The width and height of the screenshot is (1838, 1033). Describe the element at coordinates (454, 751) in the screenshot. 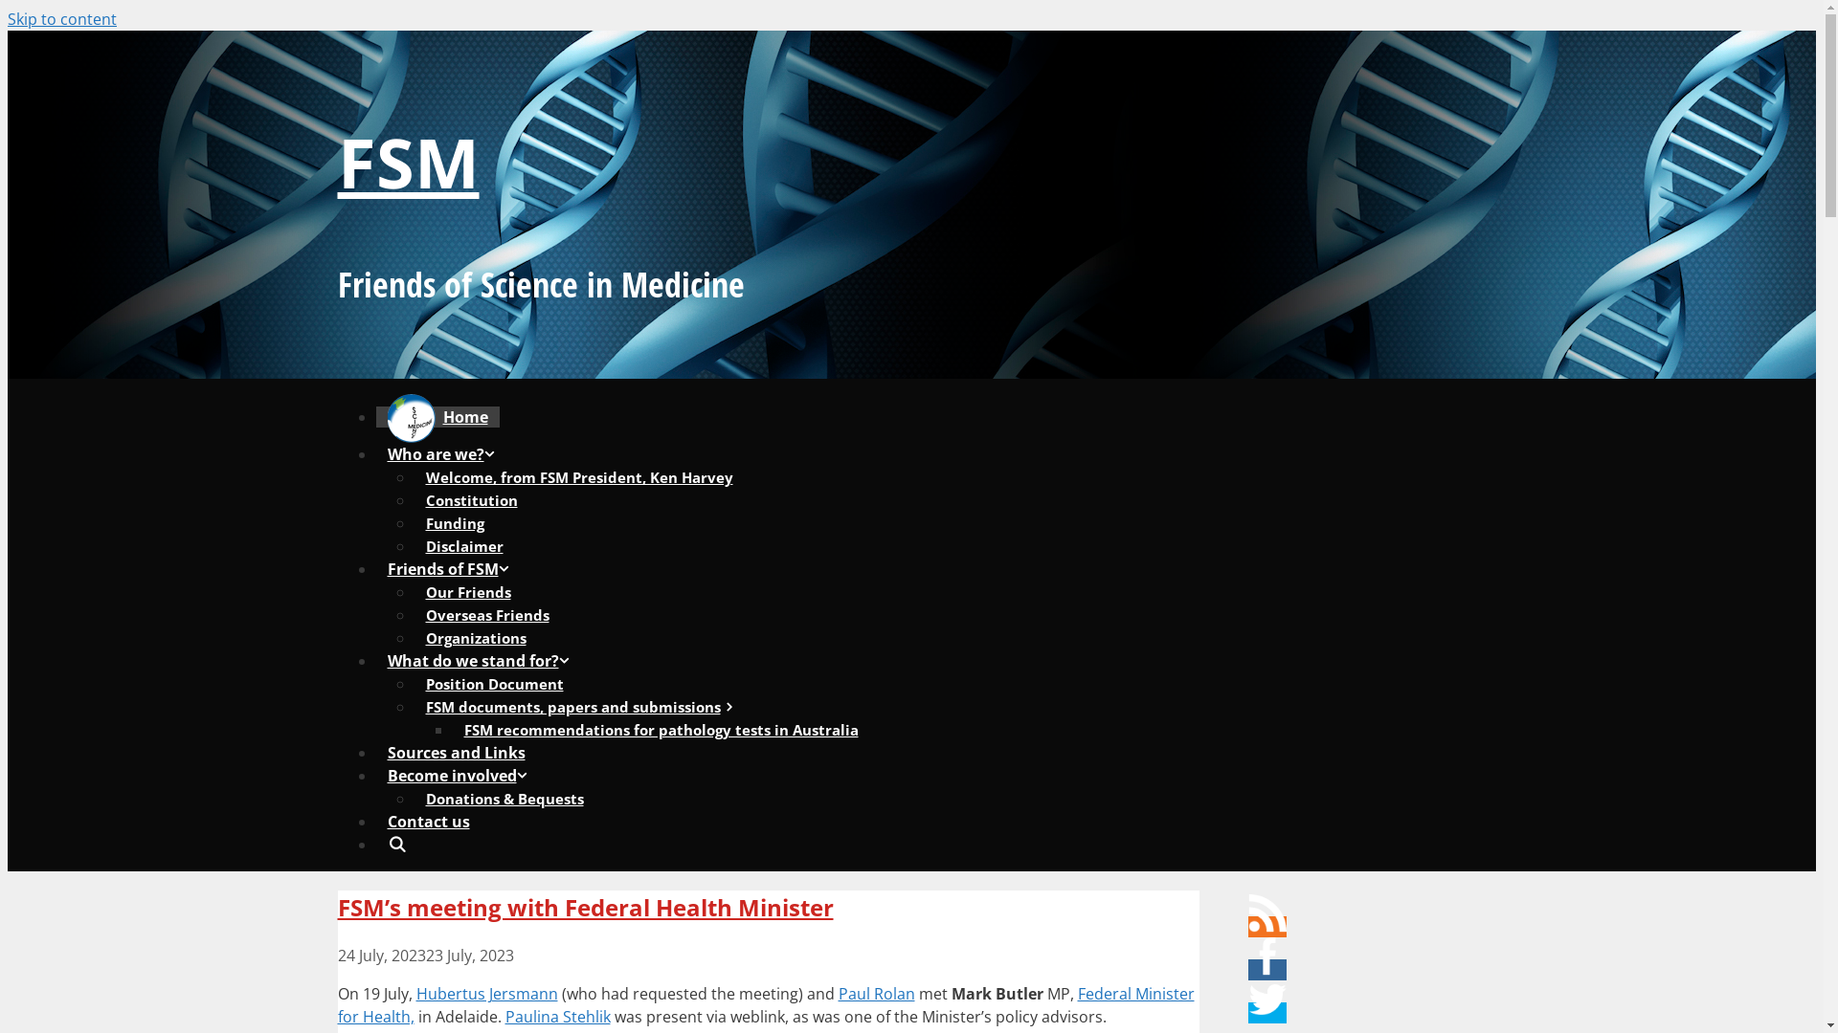

I see `'Sources and Links'` at that location.